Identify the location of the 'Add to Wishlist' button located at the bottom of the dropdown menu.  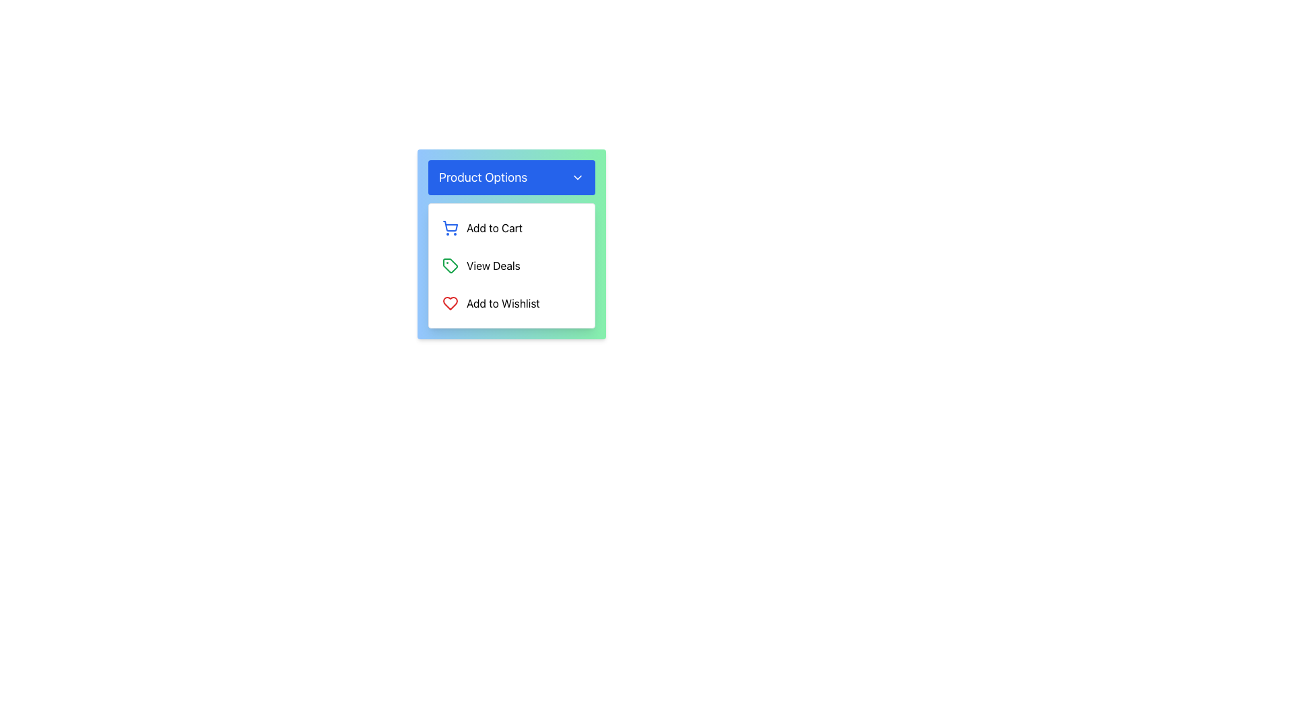
(510, 304).